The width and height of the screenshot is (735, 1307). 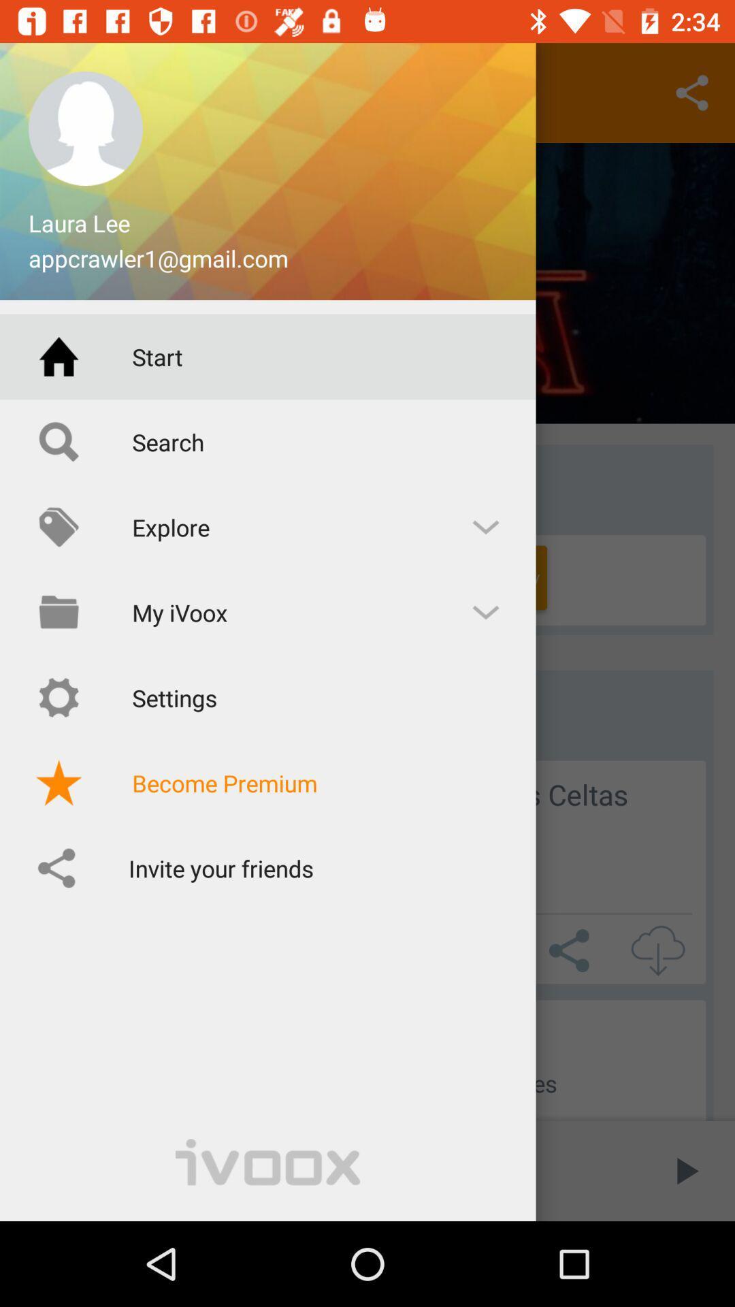 I want to click on the play icon, so click(x=685, y=1170).